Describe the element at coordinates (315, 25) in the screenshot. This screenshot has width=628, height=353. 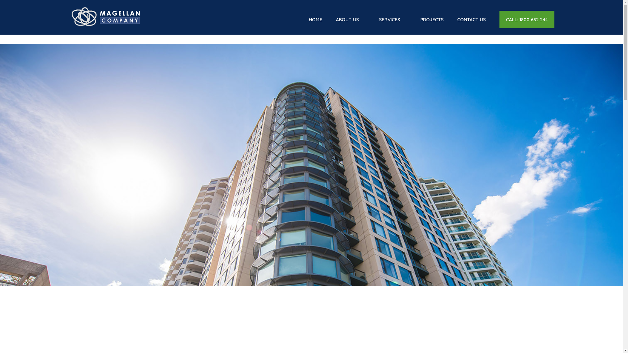
I see `'HOME'` at that location.